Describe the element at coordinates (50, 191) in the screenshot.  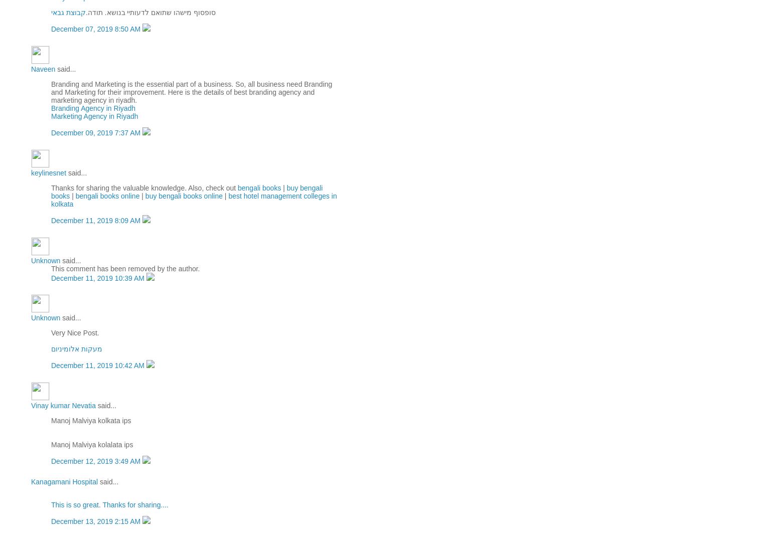
I see `'buy bengali books'` at that location.